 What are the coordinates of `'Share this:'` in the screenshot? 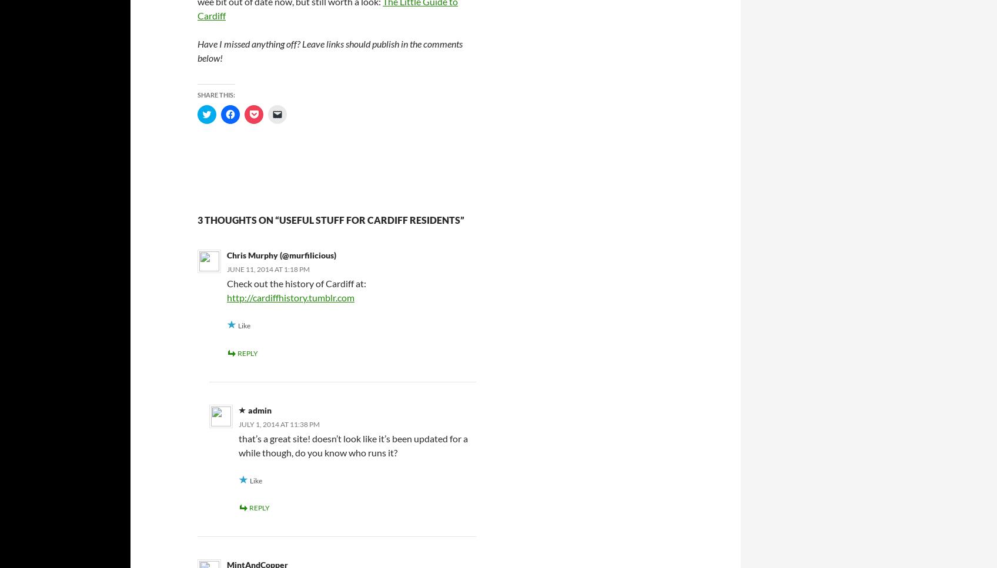 It's located at (216, 94).